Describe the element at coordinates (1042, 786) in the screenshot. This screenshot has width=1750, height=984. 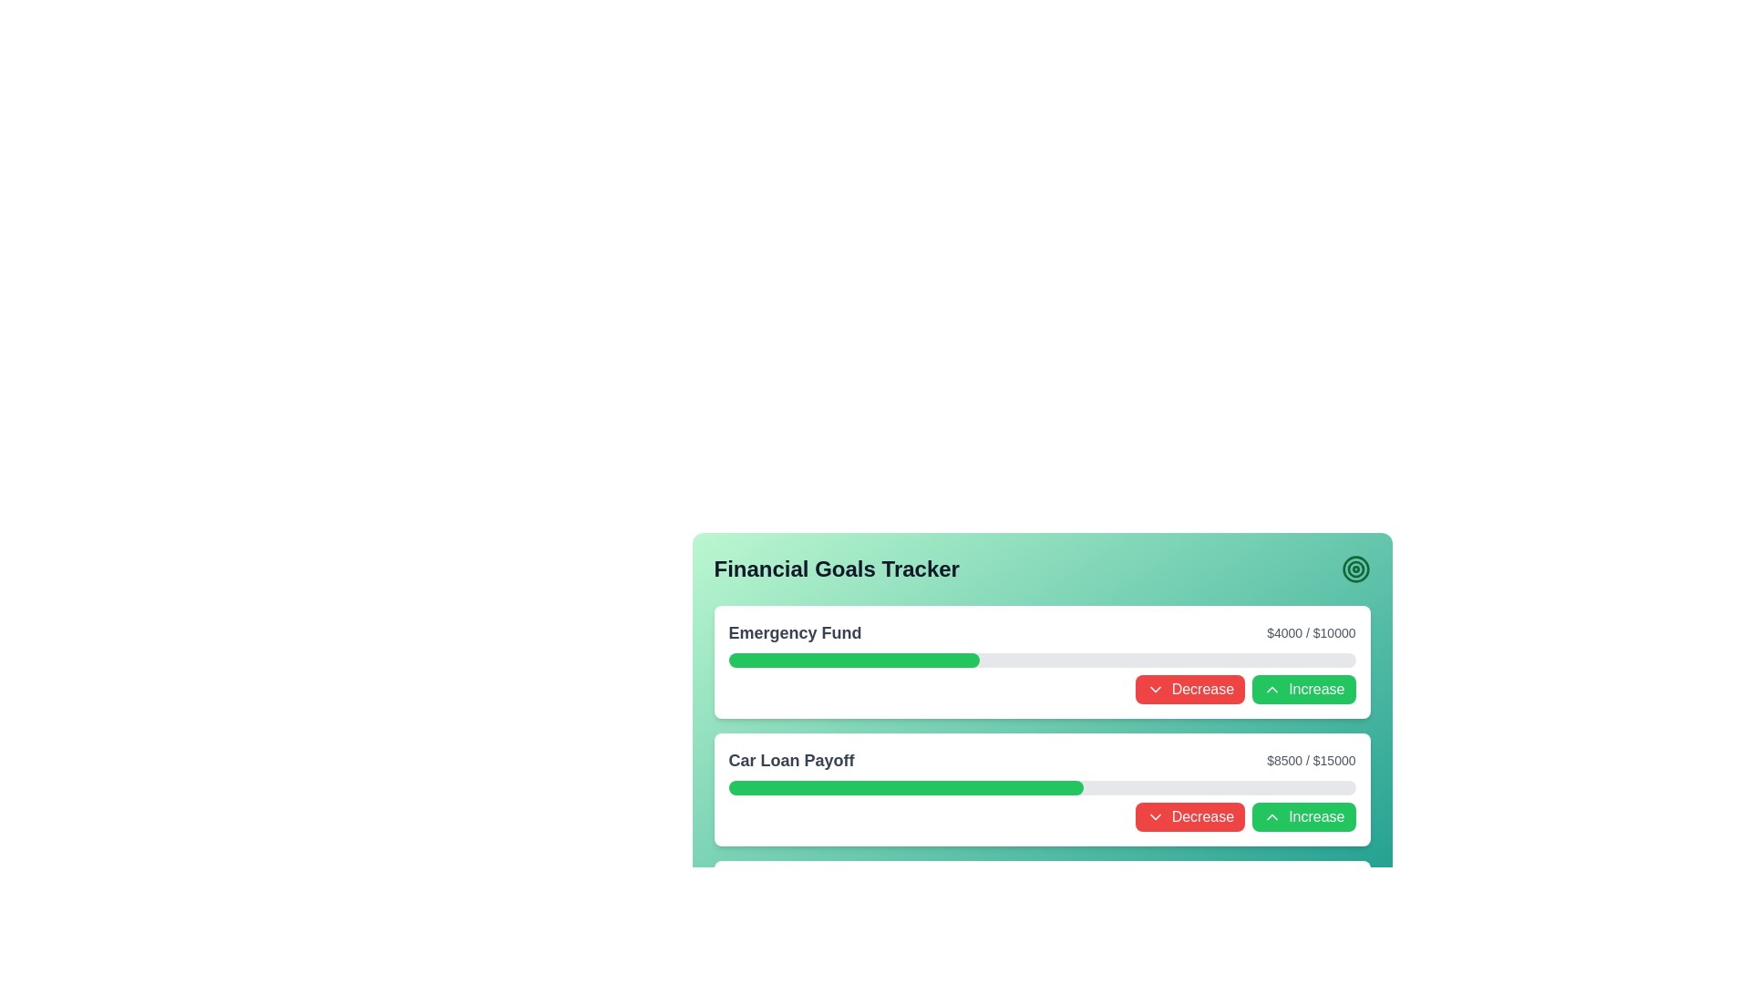
I see `the Progress Bar located directly below the 'Car Loan Payoff' label and the '$8500 / $15000' text, which visually represents the progress towards a financial goal` at that location.